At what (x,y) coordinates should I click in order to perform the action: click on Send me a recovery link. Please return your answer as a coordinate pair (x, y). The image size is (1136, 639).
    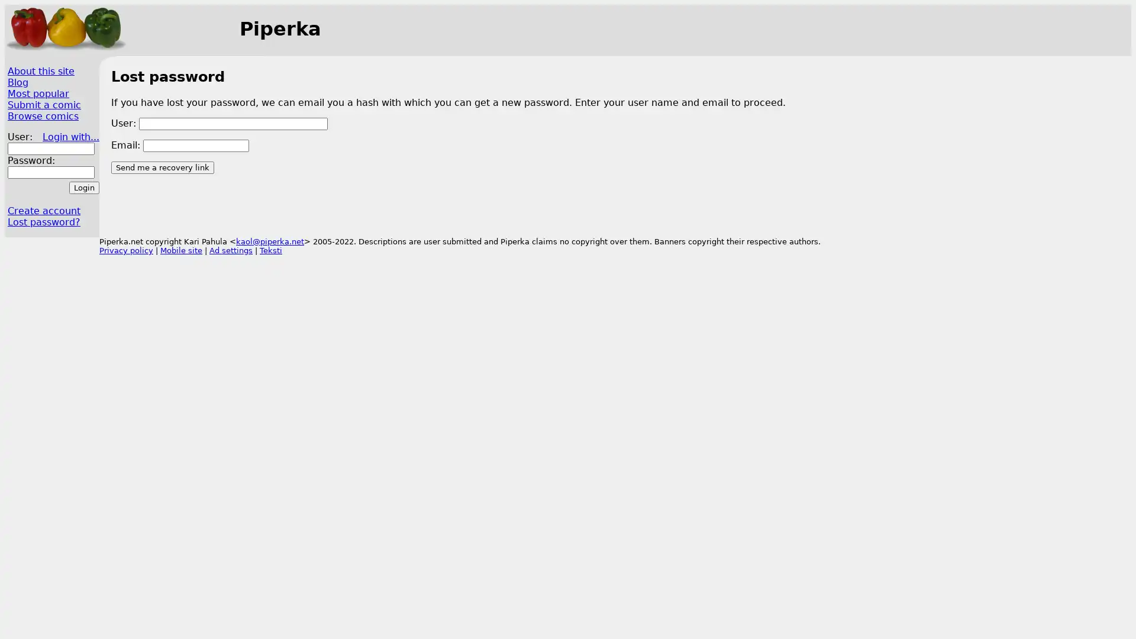
    Looking at the image, I should click on (162, 167).